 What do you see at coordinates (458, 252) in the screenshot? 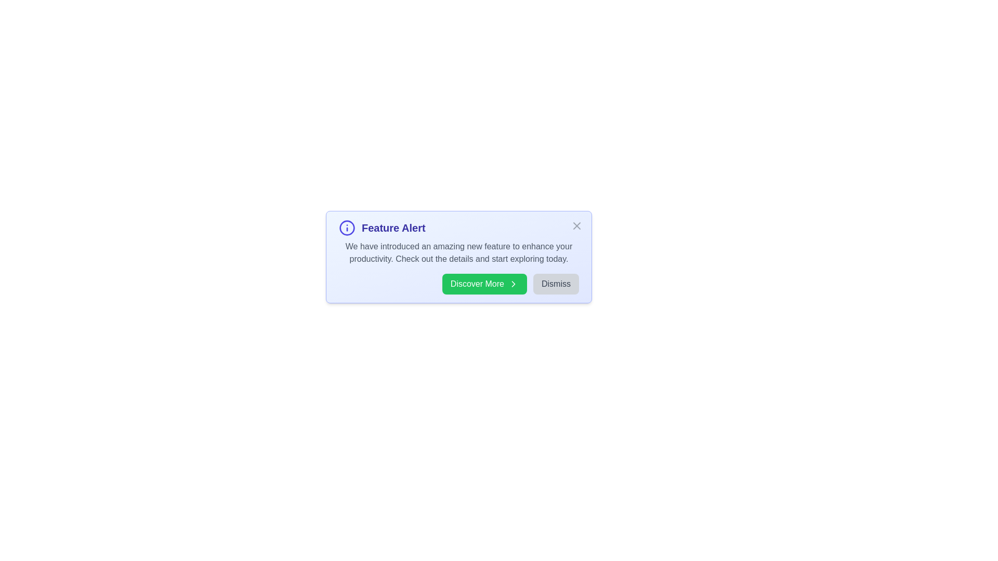
I see `the alert message text to select it` at bounding box center [458, 252].